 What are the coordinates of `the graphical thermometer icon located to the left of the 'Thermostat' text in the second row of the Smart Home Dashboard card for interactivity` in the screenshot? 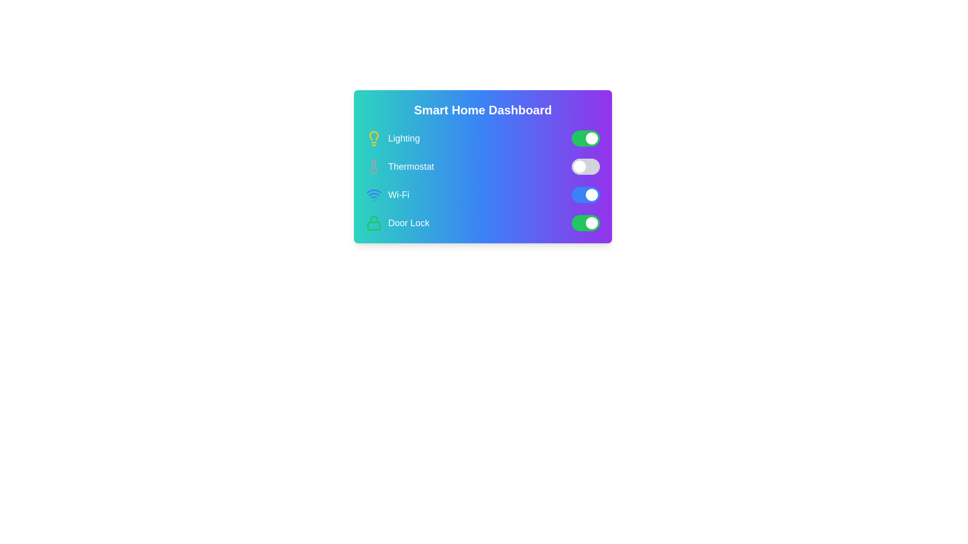 It's located at (374, 166).